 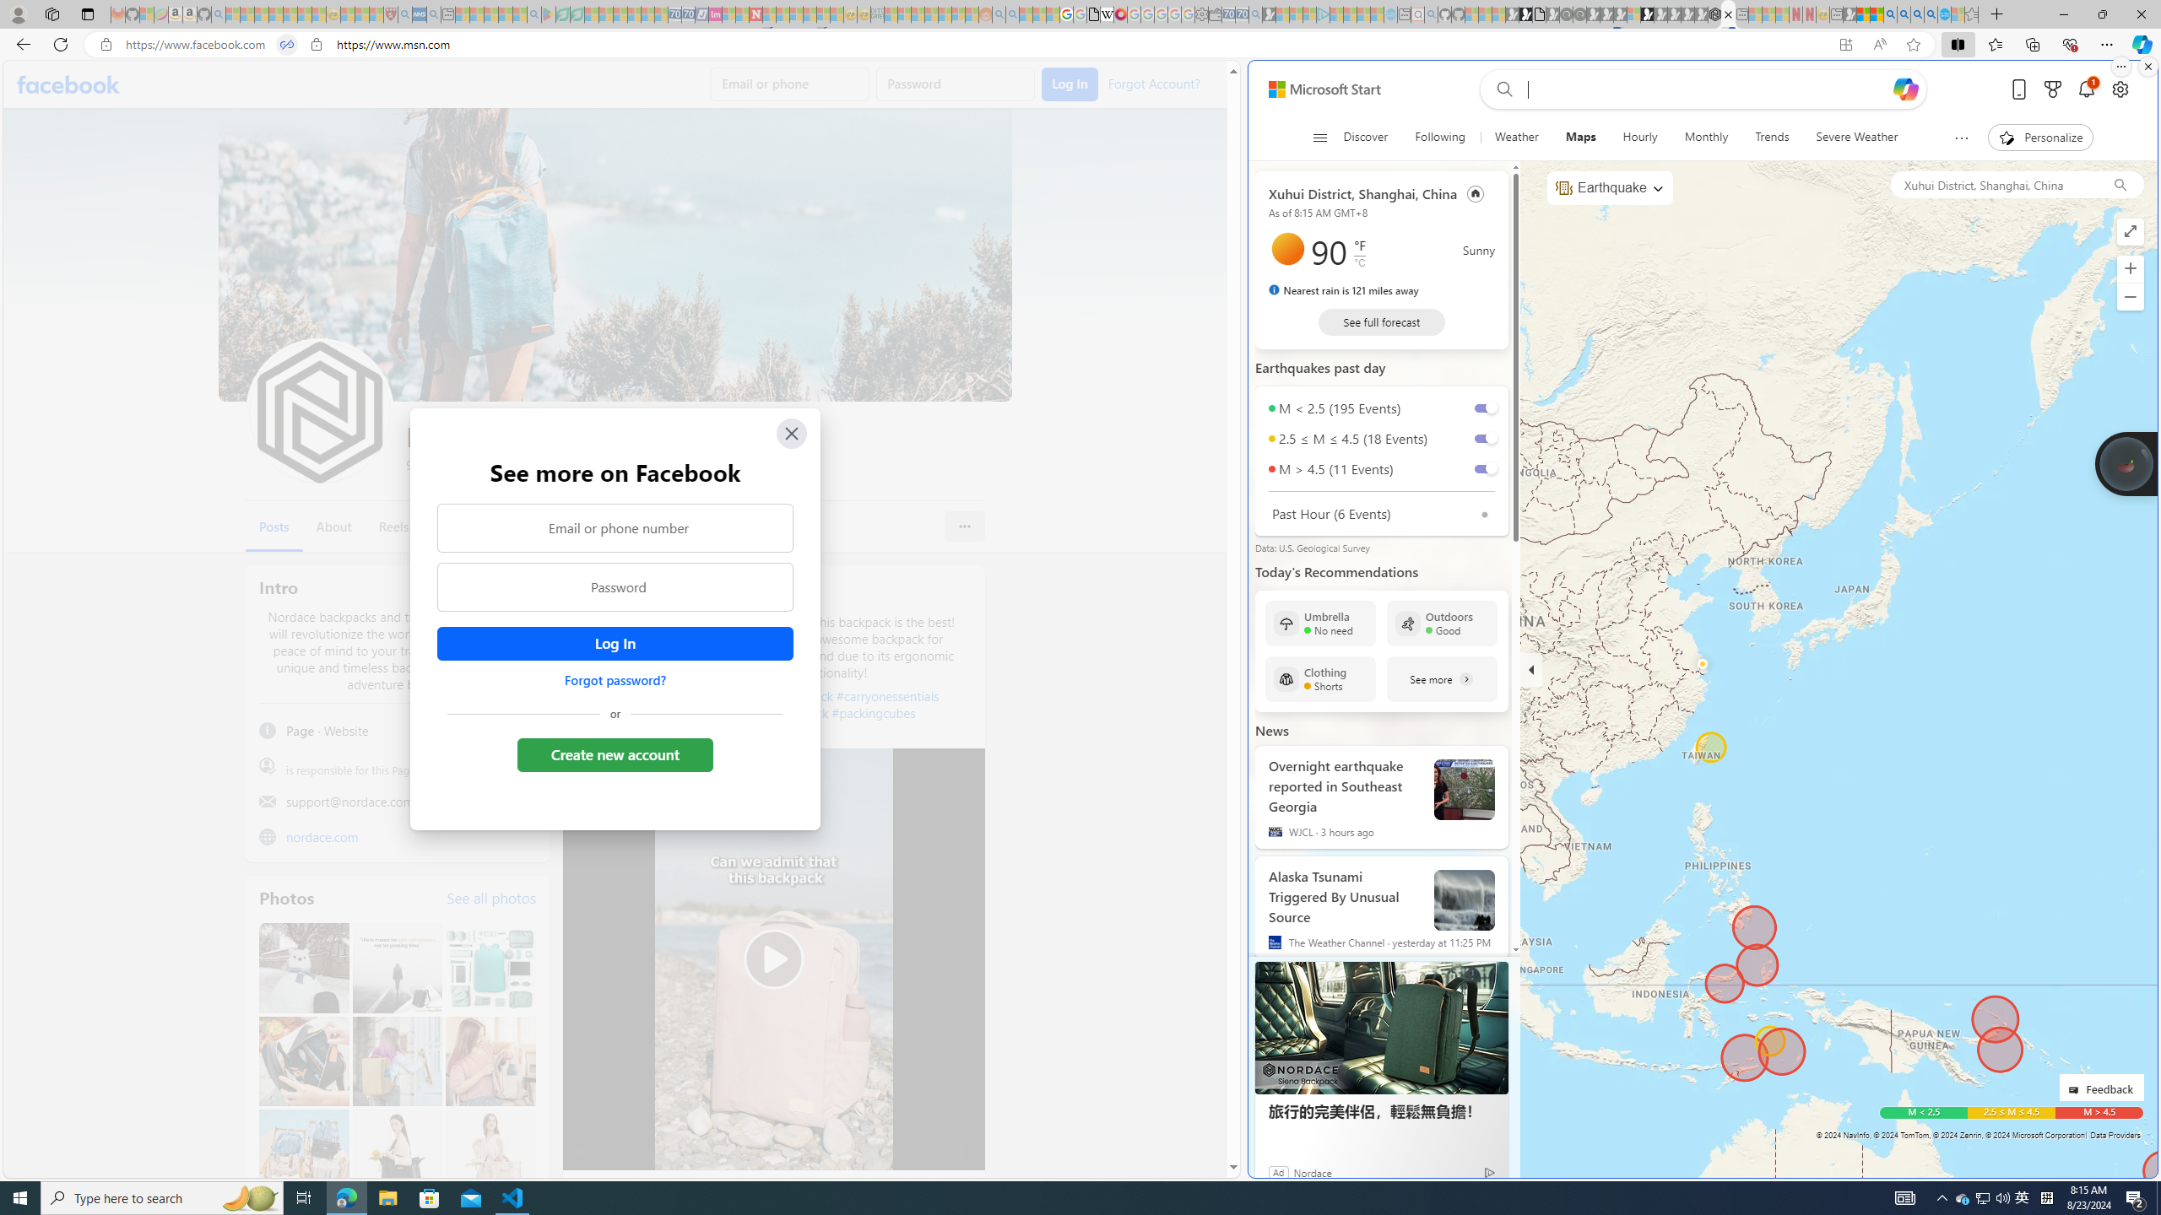 I want to click on 'Enter full screen mode', so click(x=2130, y=232).